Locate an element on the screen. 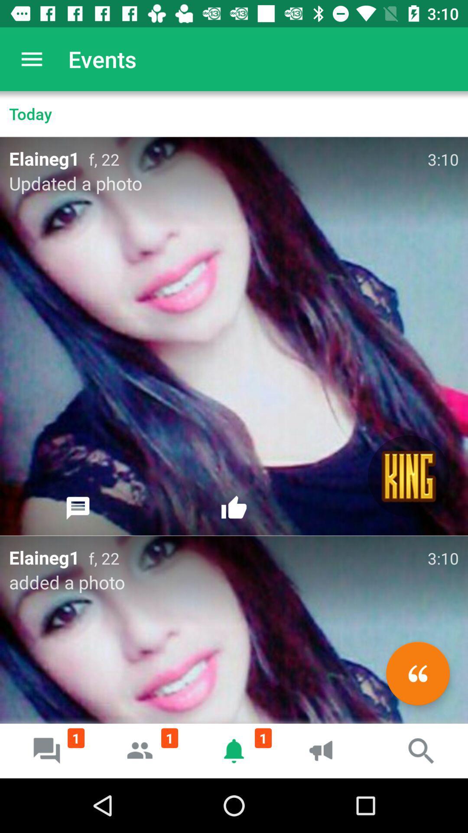 The width and height of the screenshot is (468, 833). the image which is on left to bell symbol is located at coordinates (140, 751).